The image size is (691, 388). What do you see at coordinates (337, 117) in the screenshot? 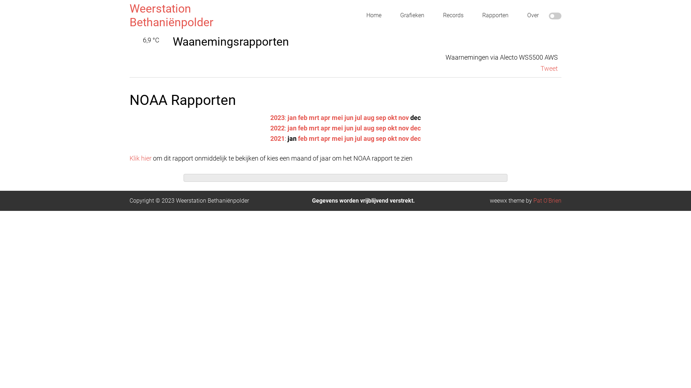
I see `'mei'` at bounding box center [337, 117].